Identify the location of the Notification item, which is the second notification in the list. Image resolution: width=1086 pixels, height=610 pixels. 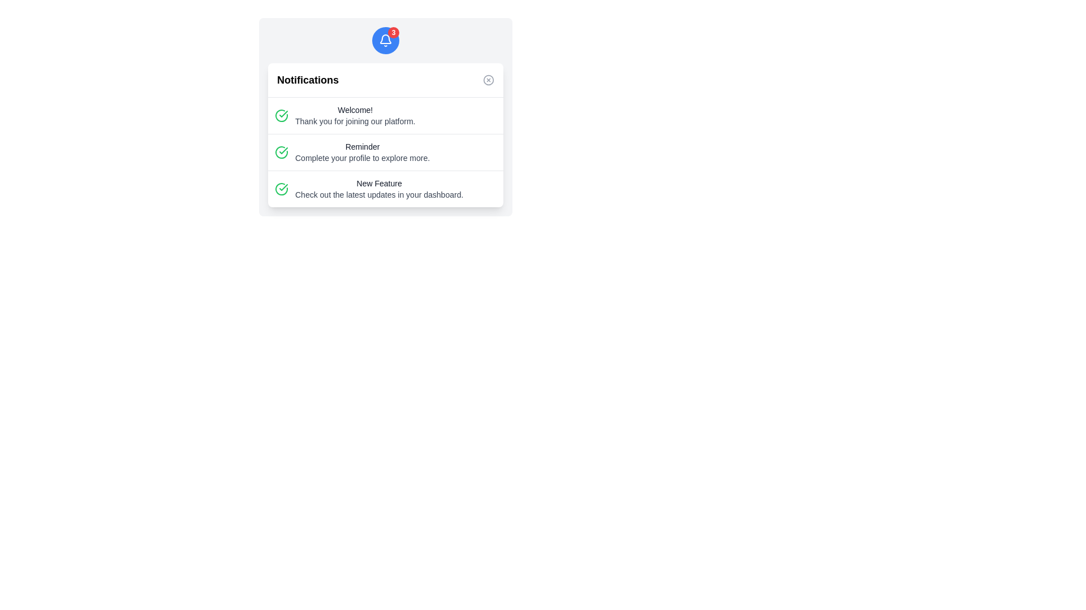
(385, 152).